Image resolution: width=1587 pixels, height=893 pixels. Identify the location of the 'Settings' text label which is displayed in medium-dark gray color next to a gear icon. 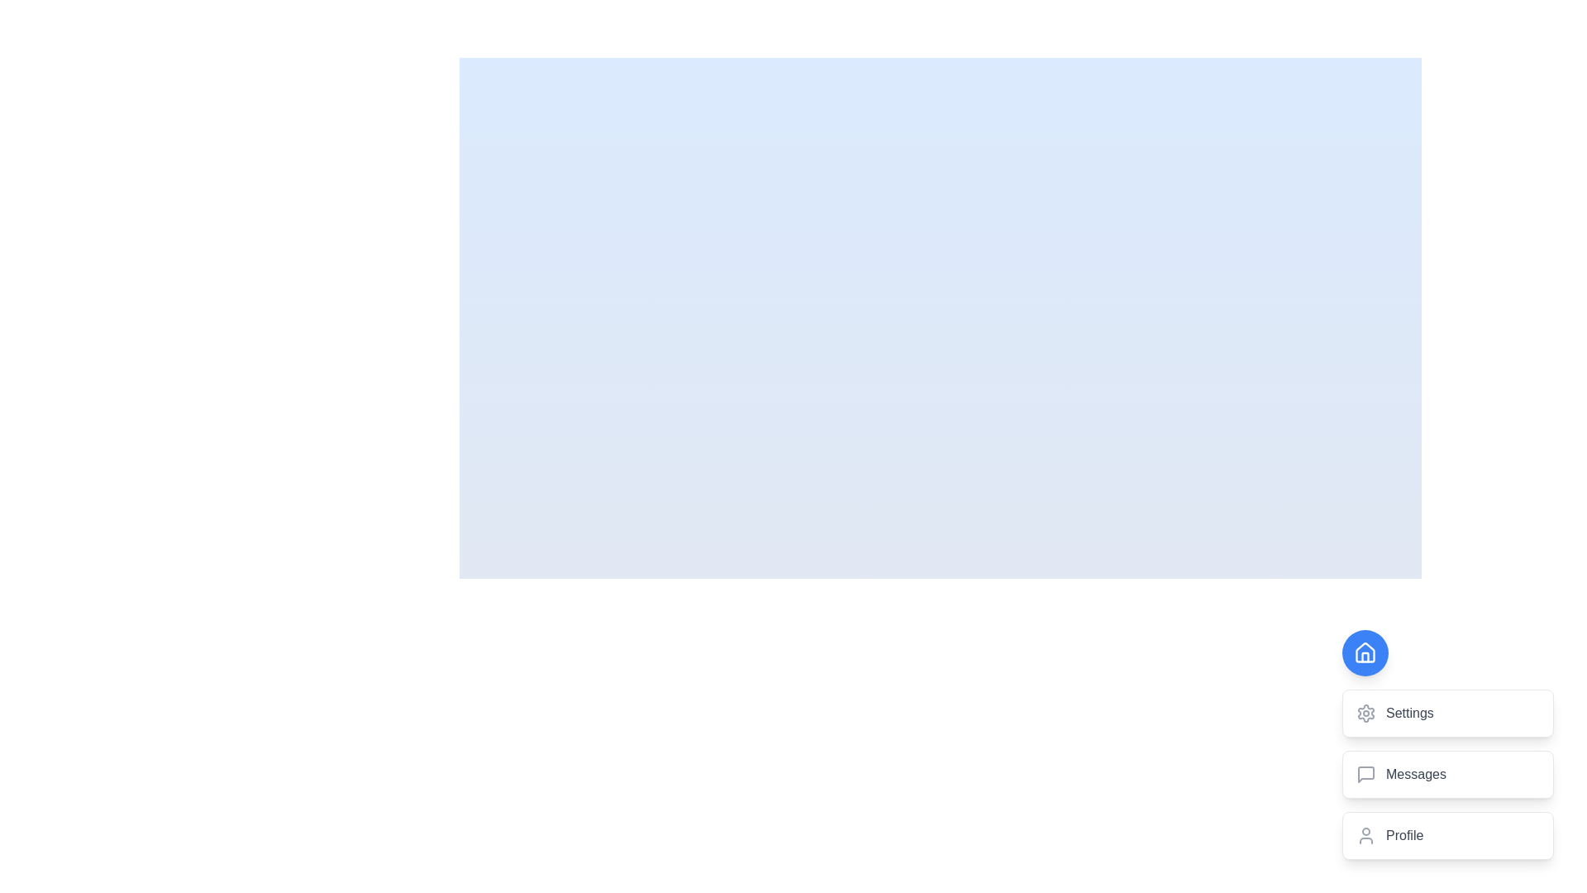
(1408, 713).